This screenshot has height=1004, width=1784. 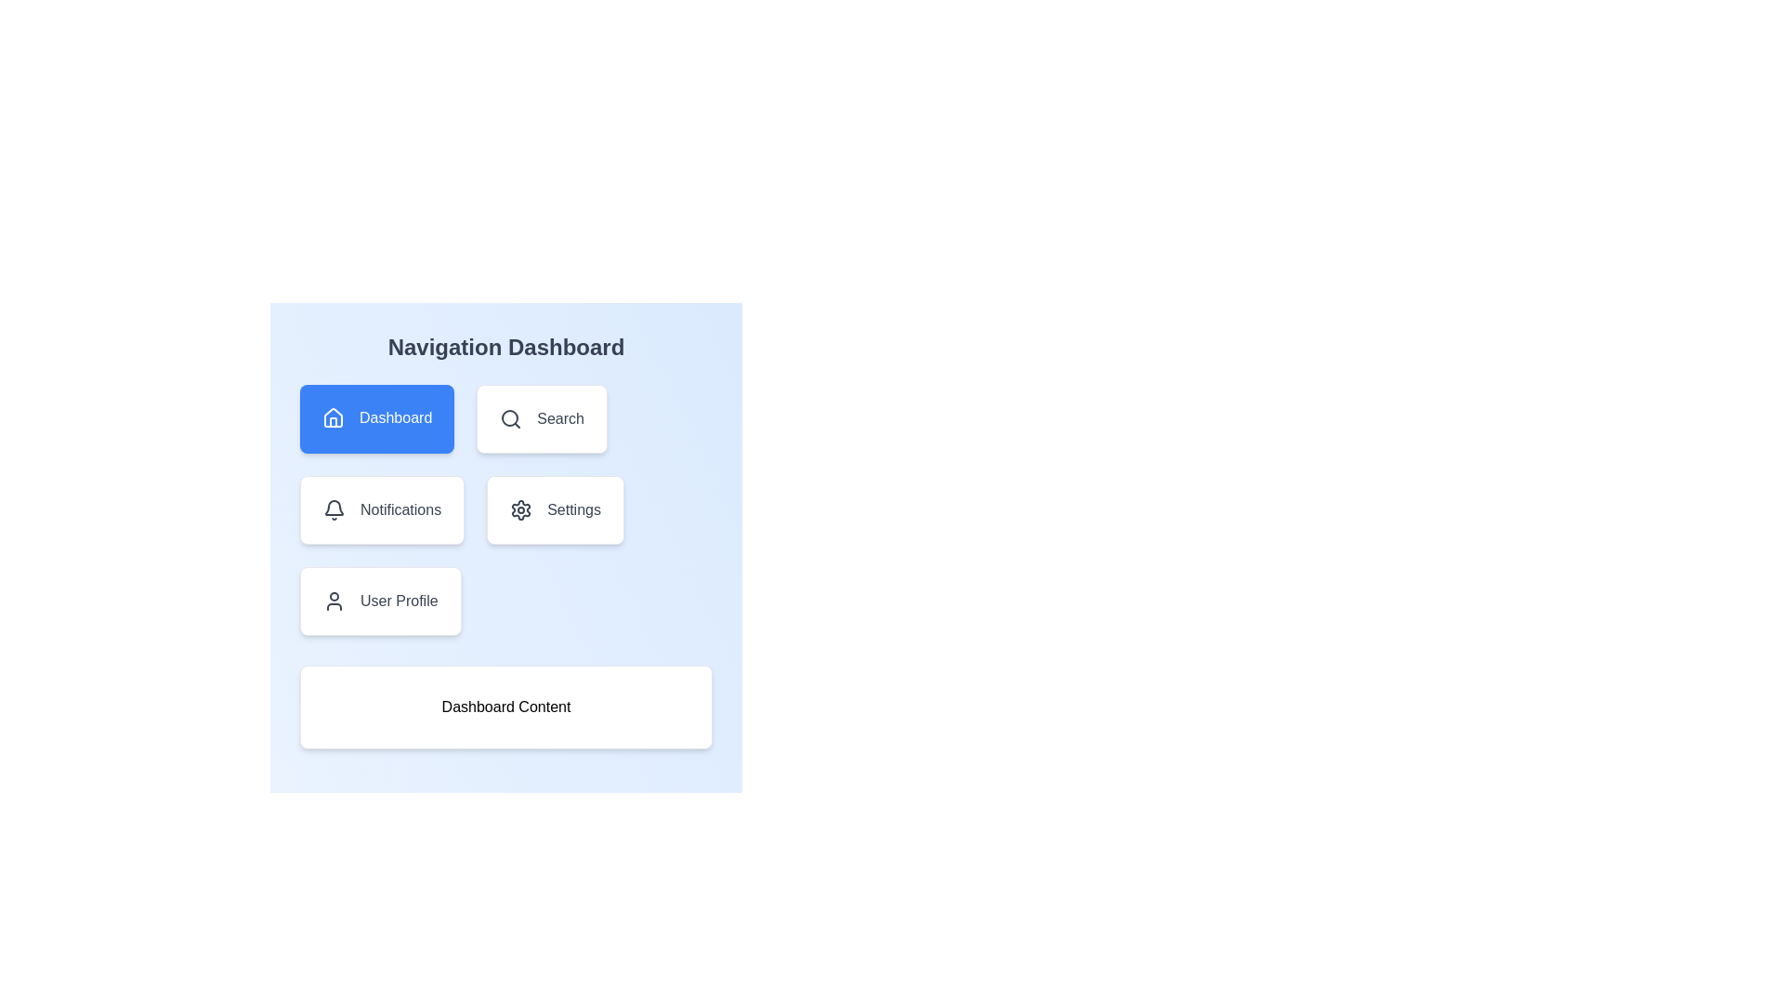 I want to click on the text label that serves as a visual cue for the nearby interactive search icon, positioned near the top-right corner of the navigation dashboard area, so click(x=559, y=419).